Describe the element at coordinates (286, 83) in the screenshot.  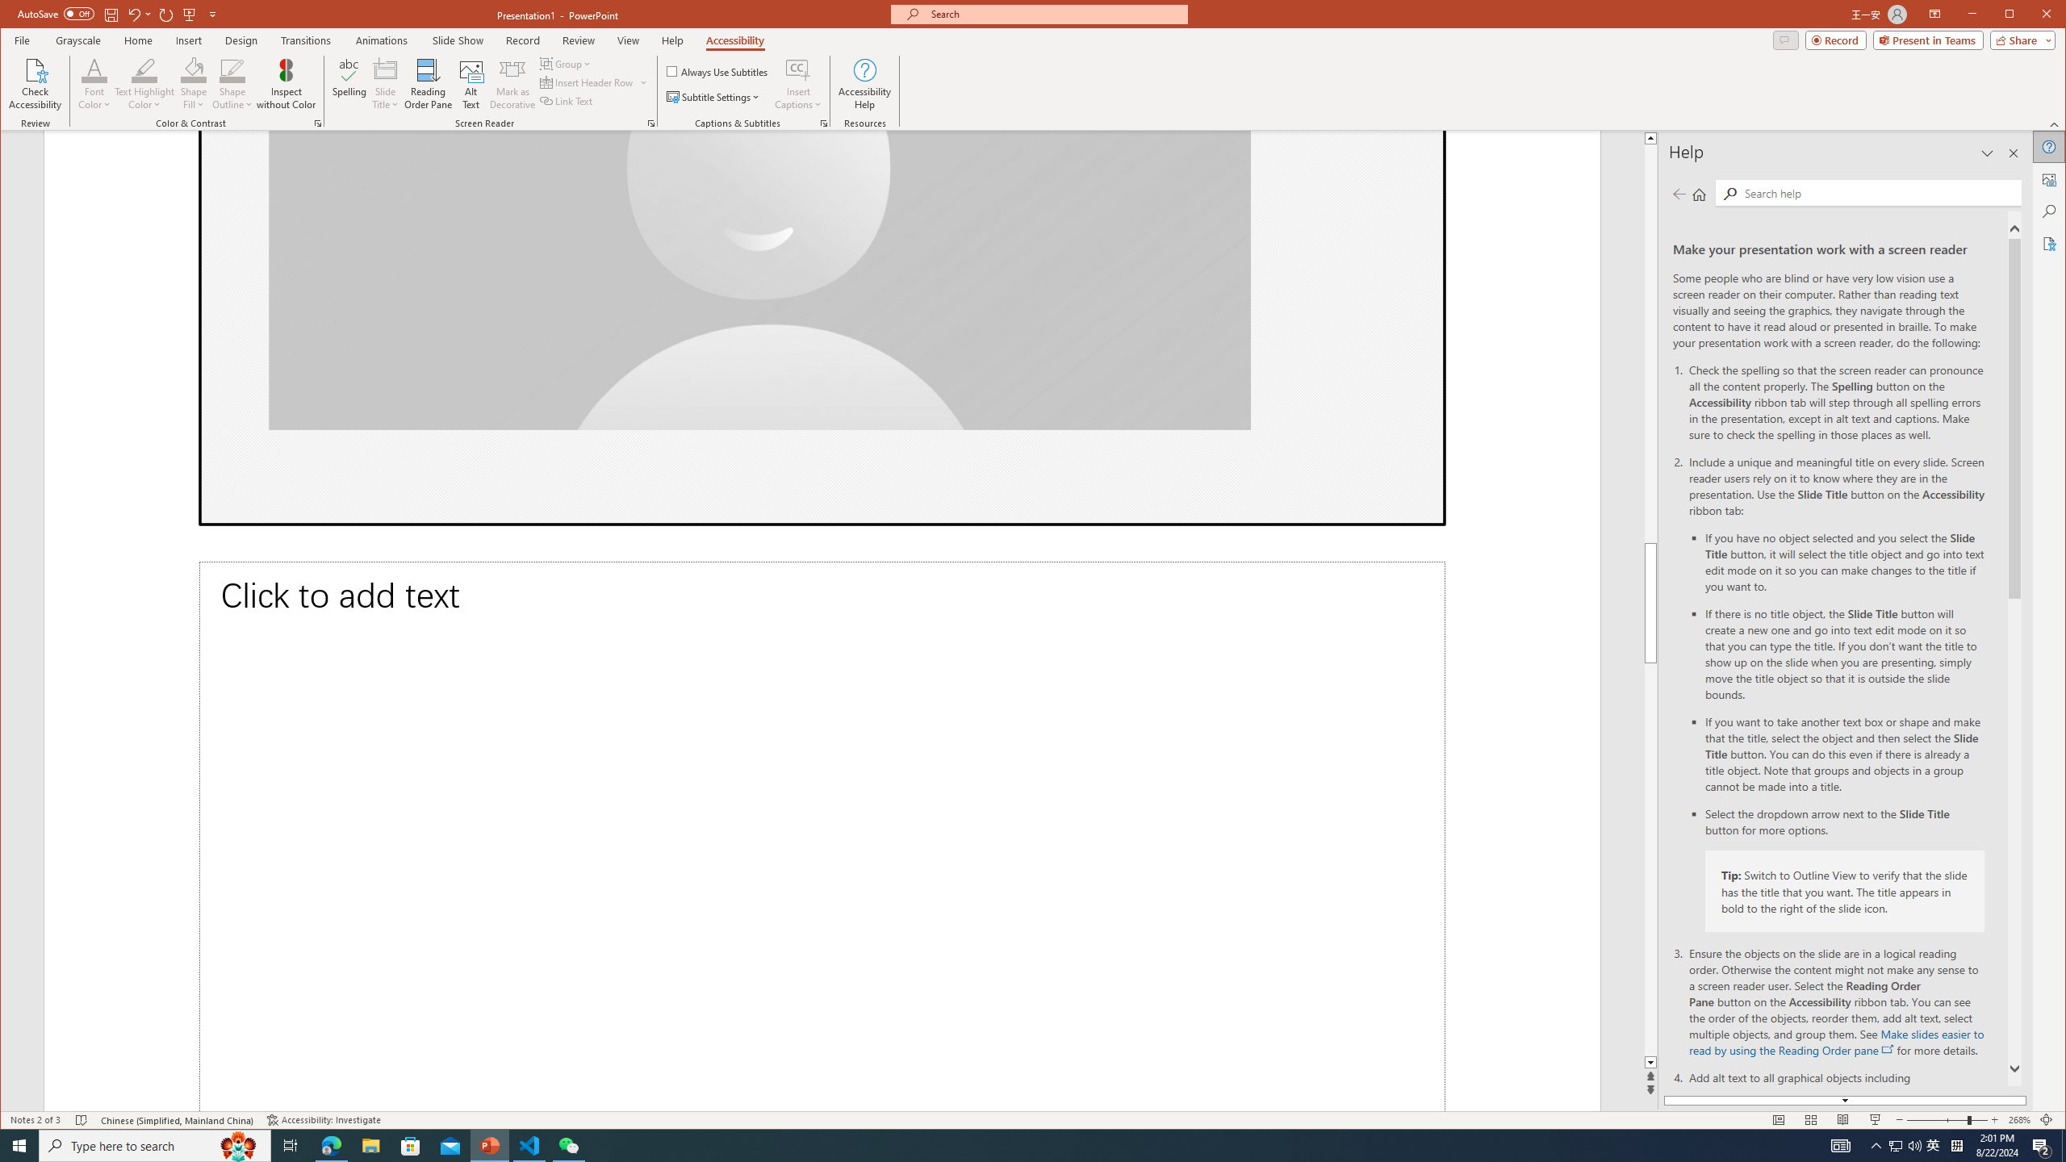
I see `'Inspect without Color'` at that location.